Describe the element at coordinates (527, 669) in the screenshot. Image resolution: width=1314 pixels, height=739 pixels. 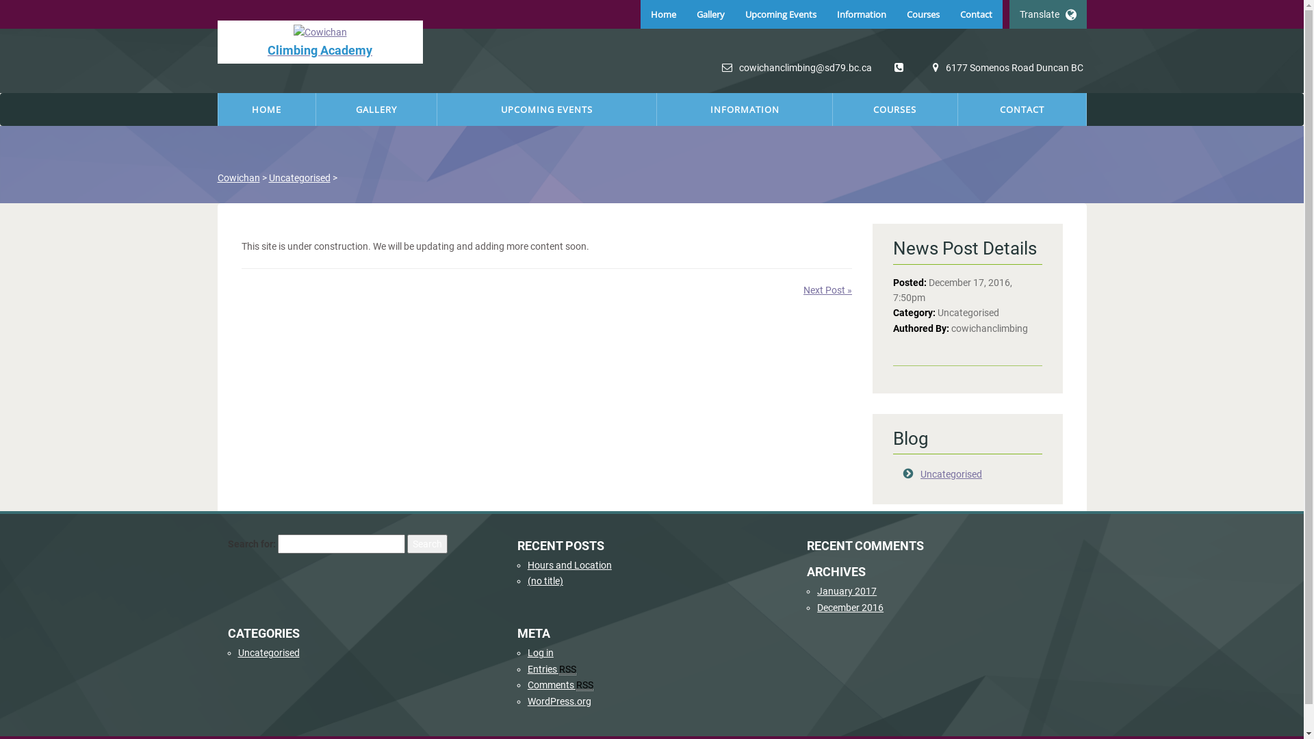
I see `'Entries RSS'` at that location.